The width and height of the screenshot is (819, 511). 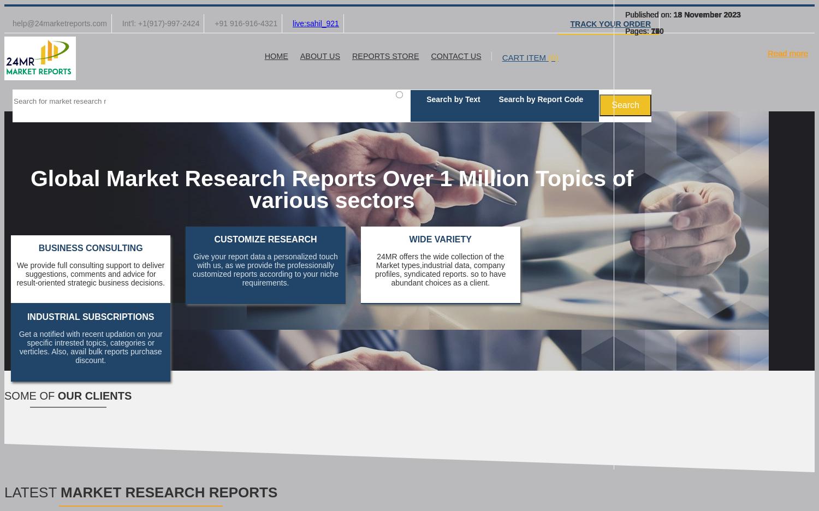 What do you see at coordinates (656, 31) in the screenshot?
I see `'120'` at bounding box center [656, 31].